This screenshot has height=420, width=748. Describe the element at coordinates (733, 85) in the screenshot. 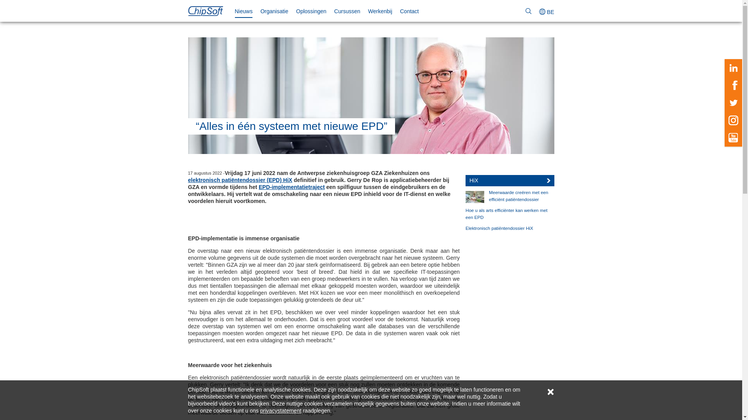

I see `'Facebook'` at that location.